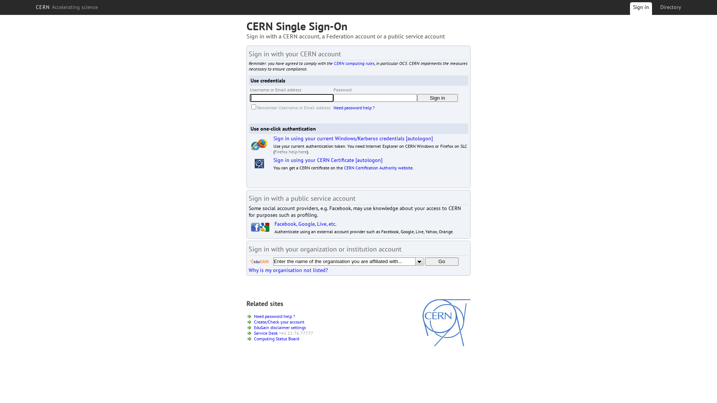 The height and width of the screenshot is (403, 717). What do you see at coordinates (378, 167) in the screenshot?
I see `'CERN Certification Authority website'` at bounding box center [378, 167].